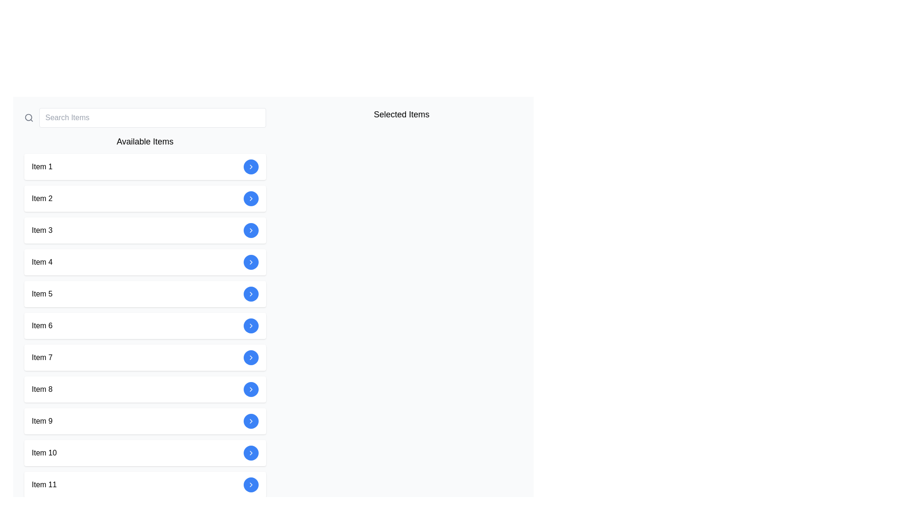 The height and width of the screenshot is (505, 898). I want to click on the text label displaying 'Item 3' located under the 'Available Items' header in the left panel, so click(42, 231).